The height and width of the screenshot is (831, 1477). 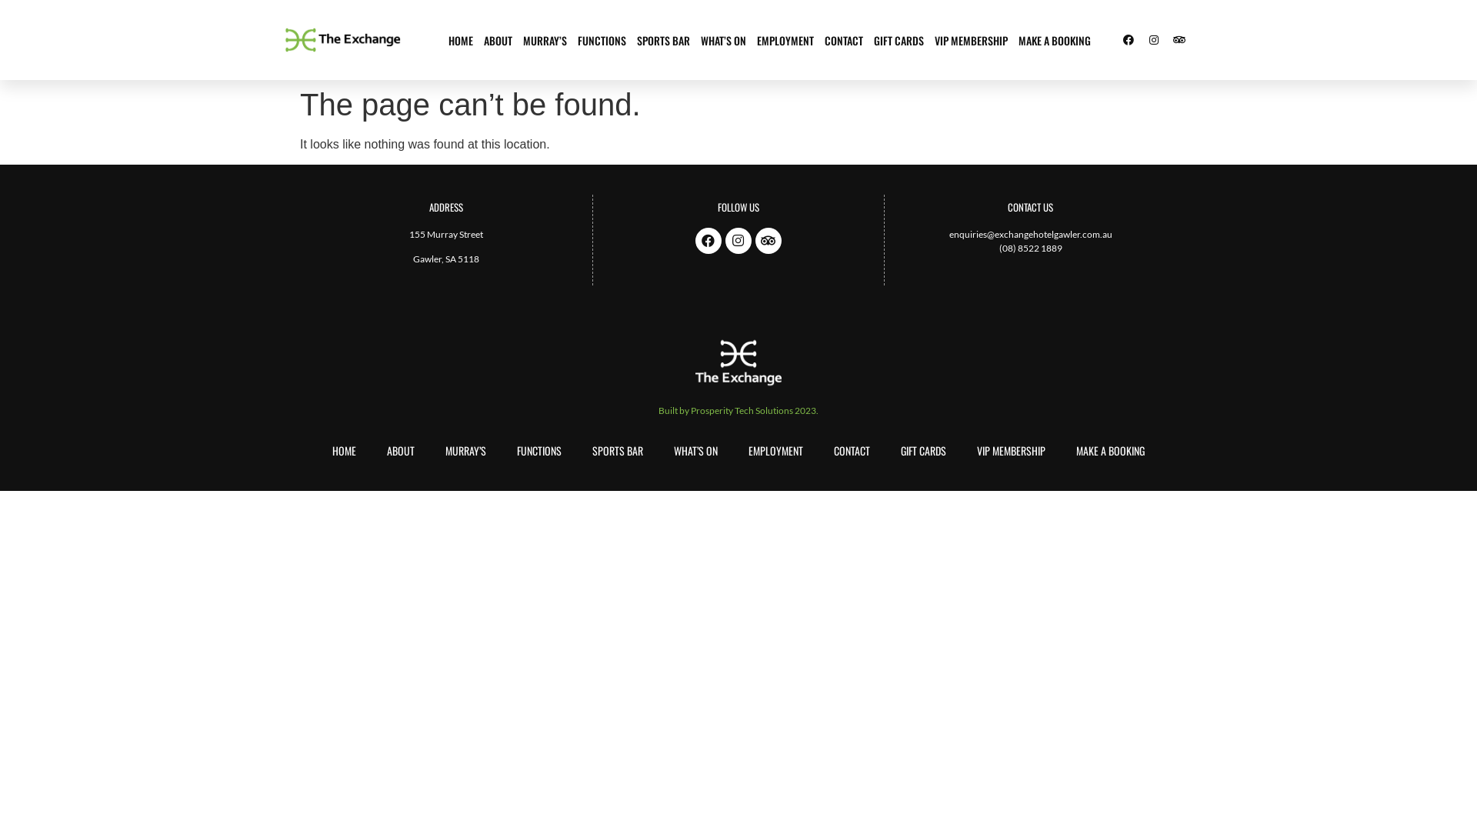 What do you see at coordinates (785, 39) in the screenshot?
I see `'EMPLOYMENT'` at bounding box center [785, 39].